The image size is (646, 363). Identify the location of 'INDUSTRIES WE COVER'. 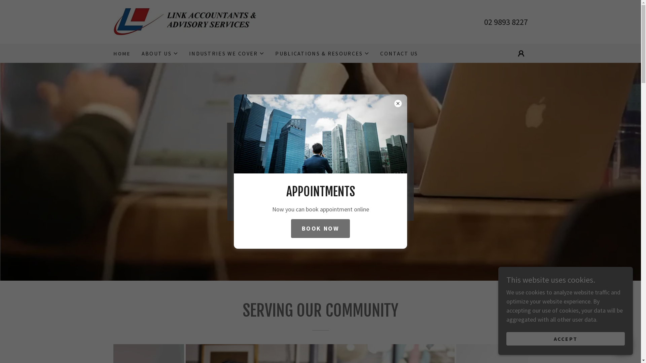
(188, 53).